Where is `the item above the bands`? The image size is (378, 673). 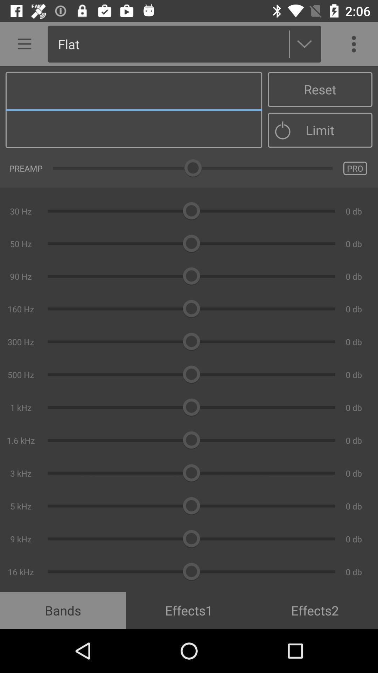 the item above the bands is located at coordinates (189, 329).